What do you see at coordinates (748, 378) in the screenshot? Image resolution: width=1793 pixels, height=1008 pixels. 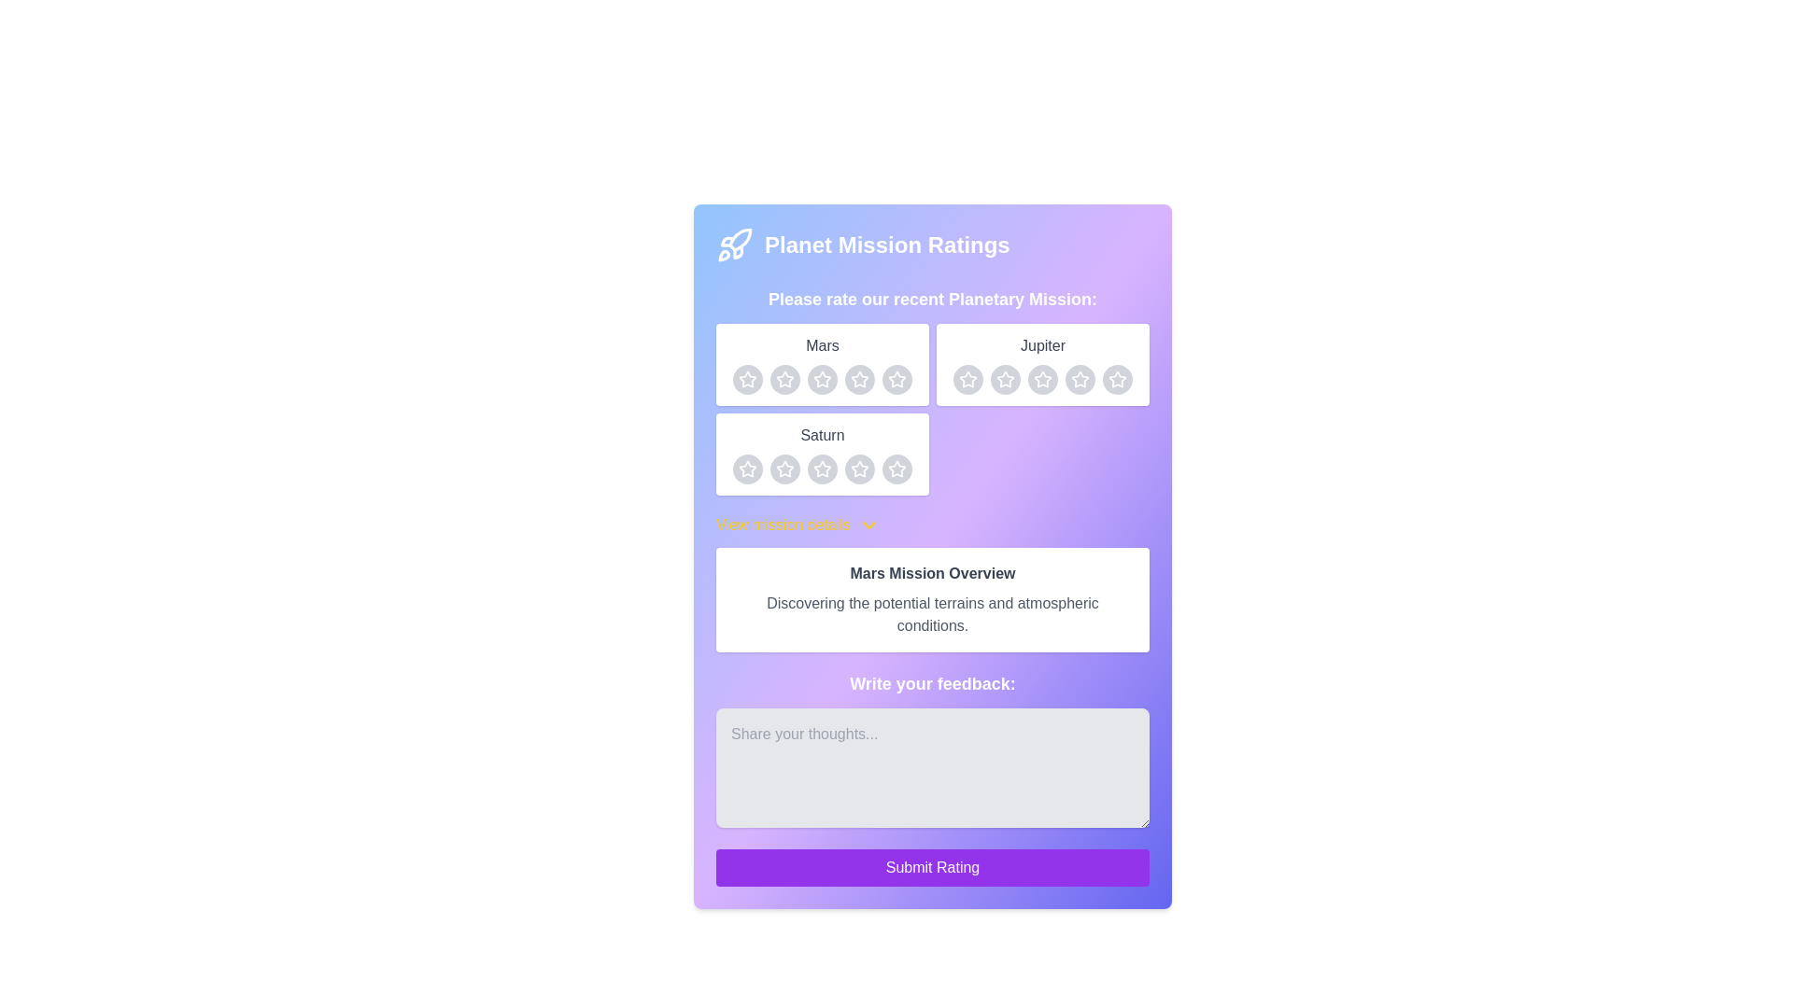 I see `the first star rating icon for the 'Mars' mission, which is located in the top left corner of the rating grid` at bounding box center [748, 378].